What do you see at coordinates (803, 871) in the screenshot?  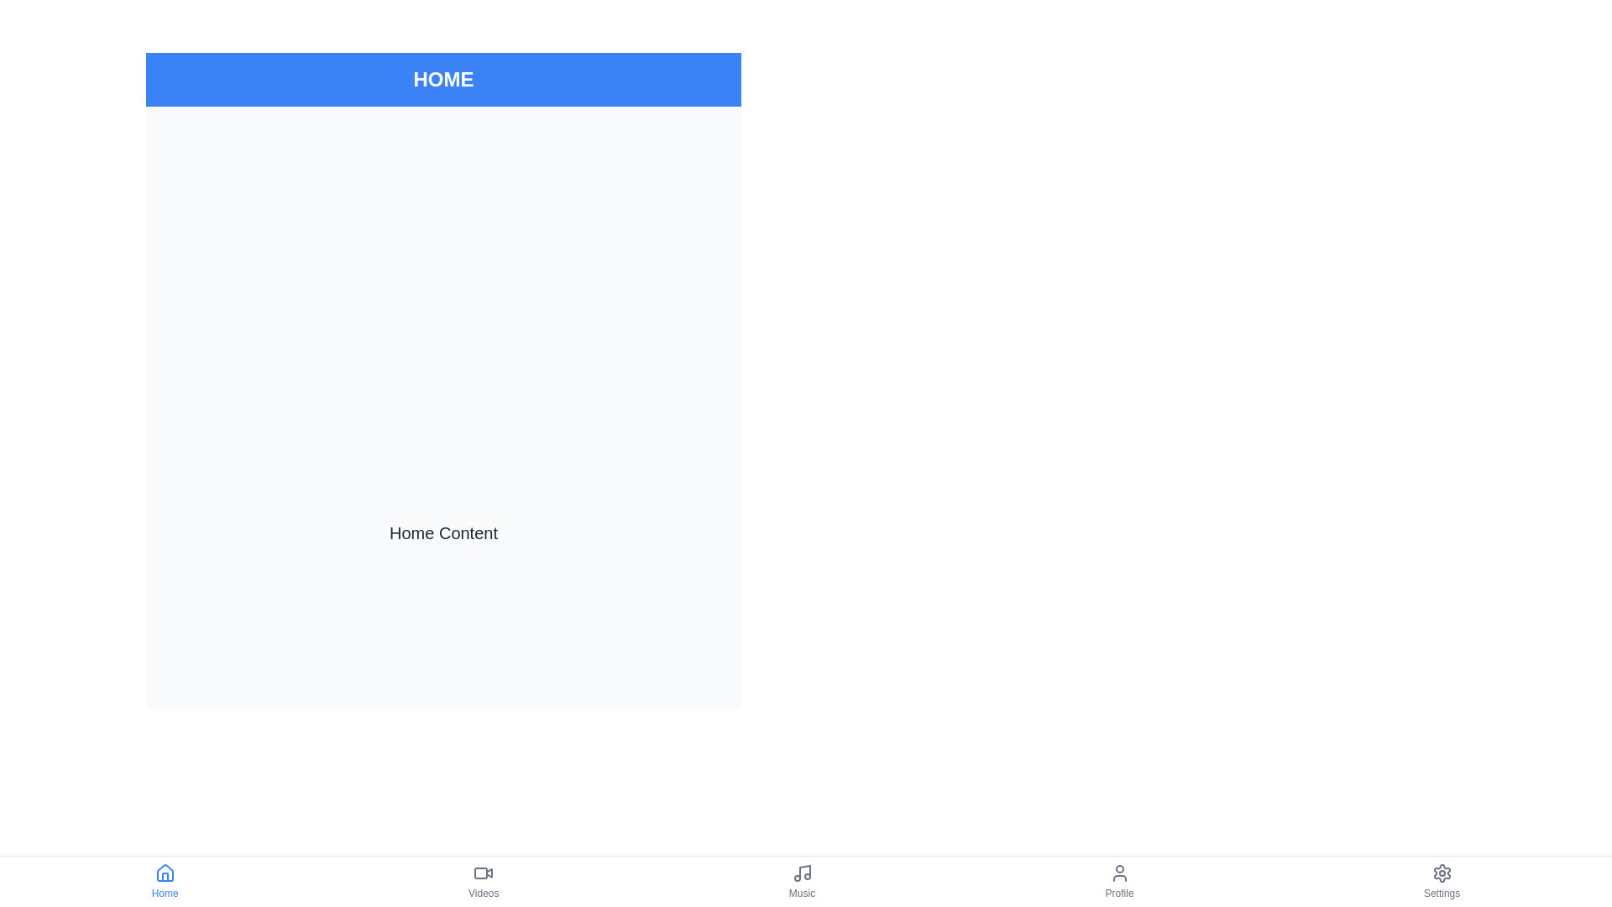 I see `the primary vertical line of the Music tab icon located in the bottom navigation bar` at bounding box center [803, 871].